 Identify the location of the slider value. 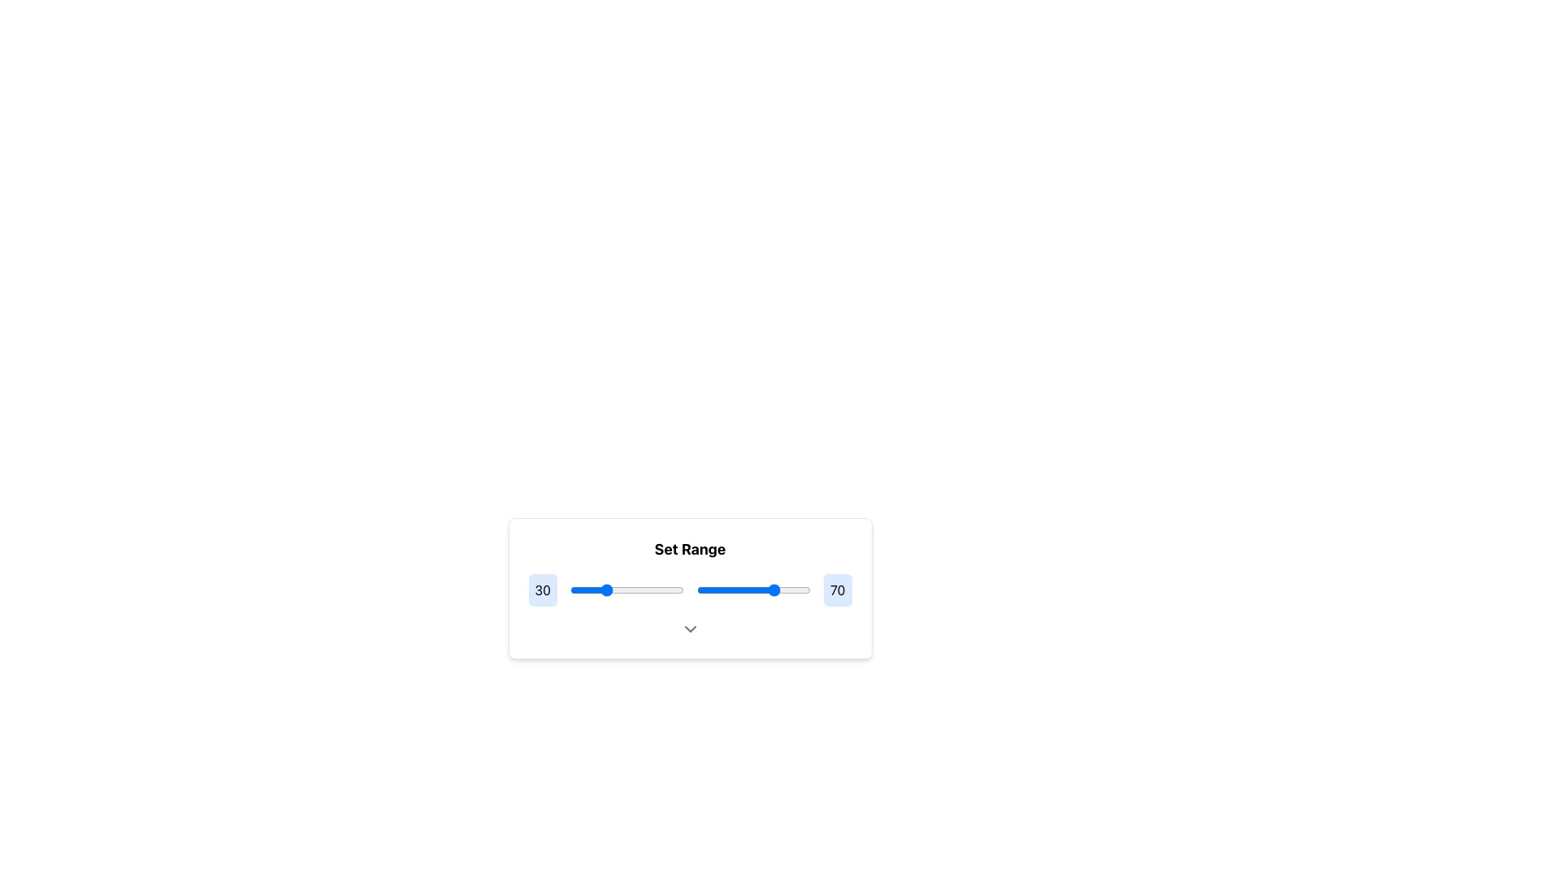
(648, 590).